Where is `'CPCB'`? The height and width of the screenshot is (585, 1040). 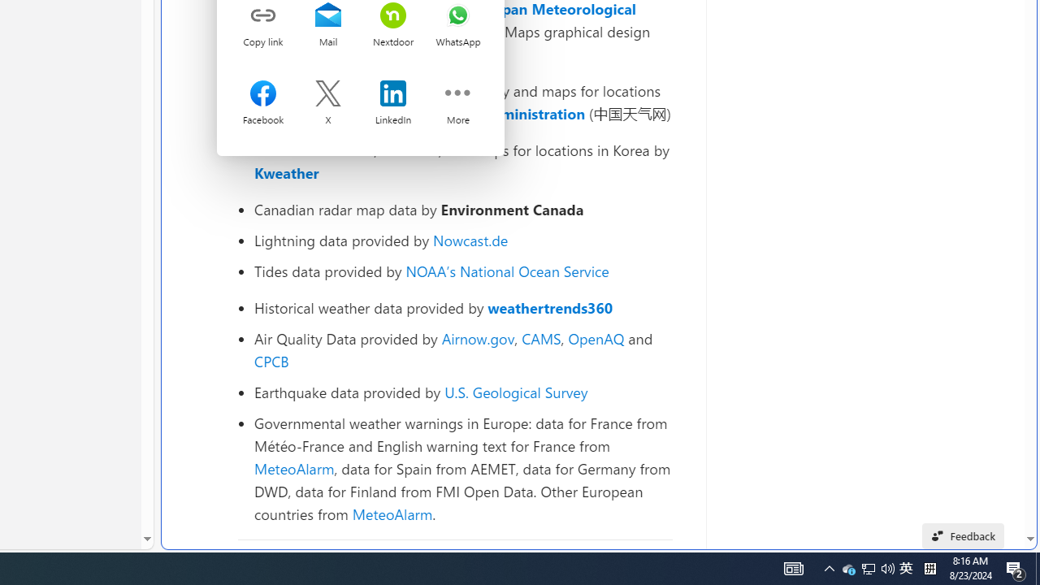 'CPCB' is located at coordinates (271, 360).